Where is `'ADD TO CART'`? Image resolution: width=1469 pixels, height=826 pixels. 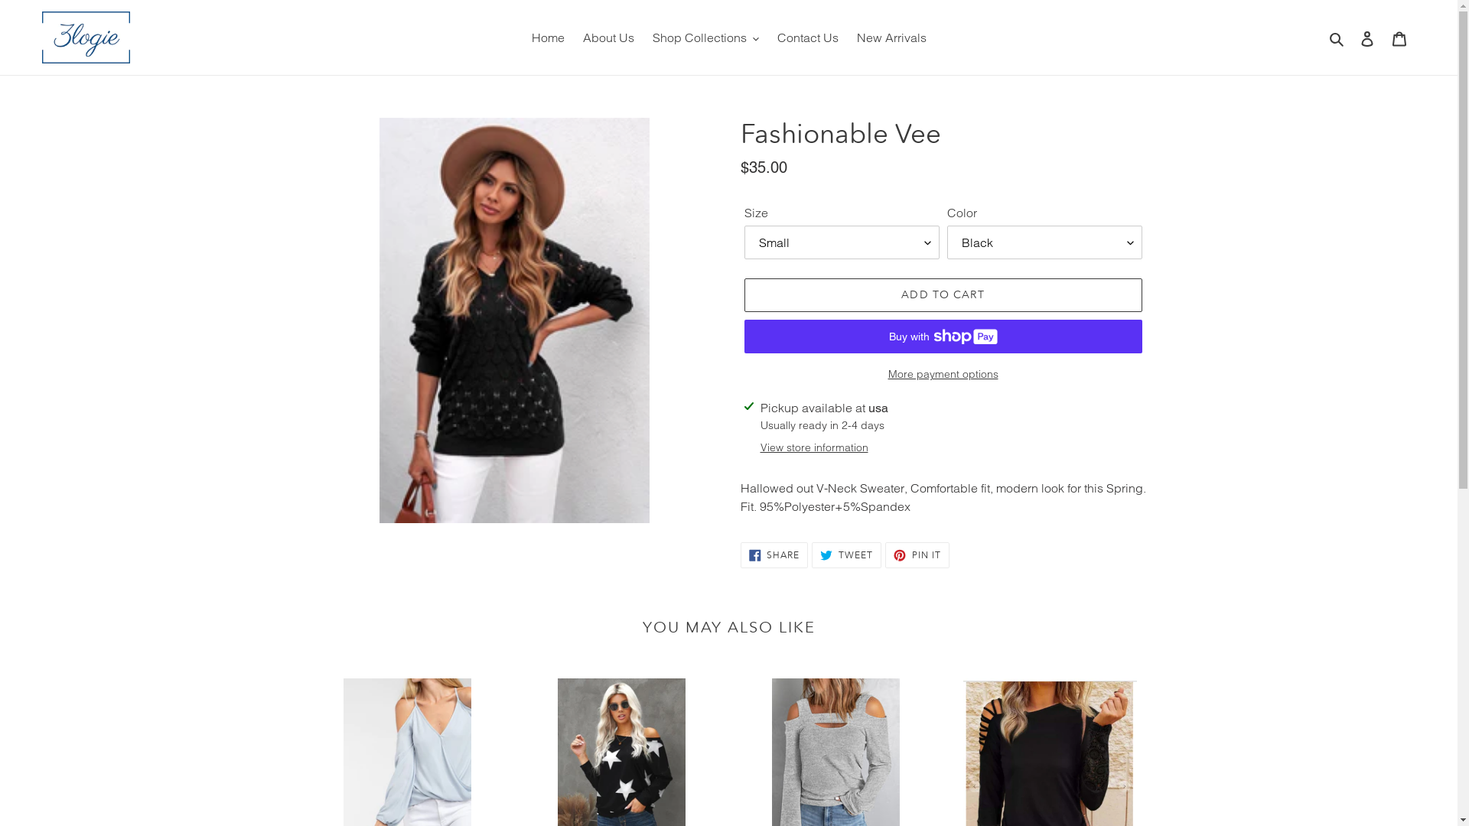 'ADD TO CART' is located at coordinates (942, 294).